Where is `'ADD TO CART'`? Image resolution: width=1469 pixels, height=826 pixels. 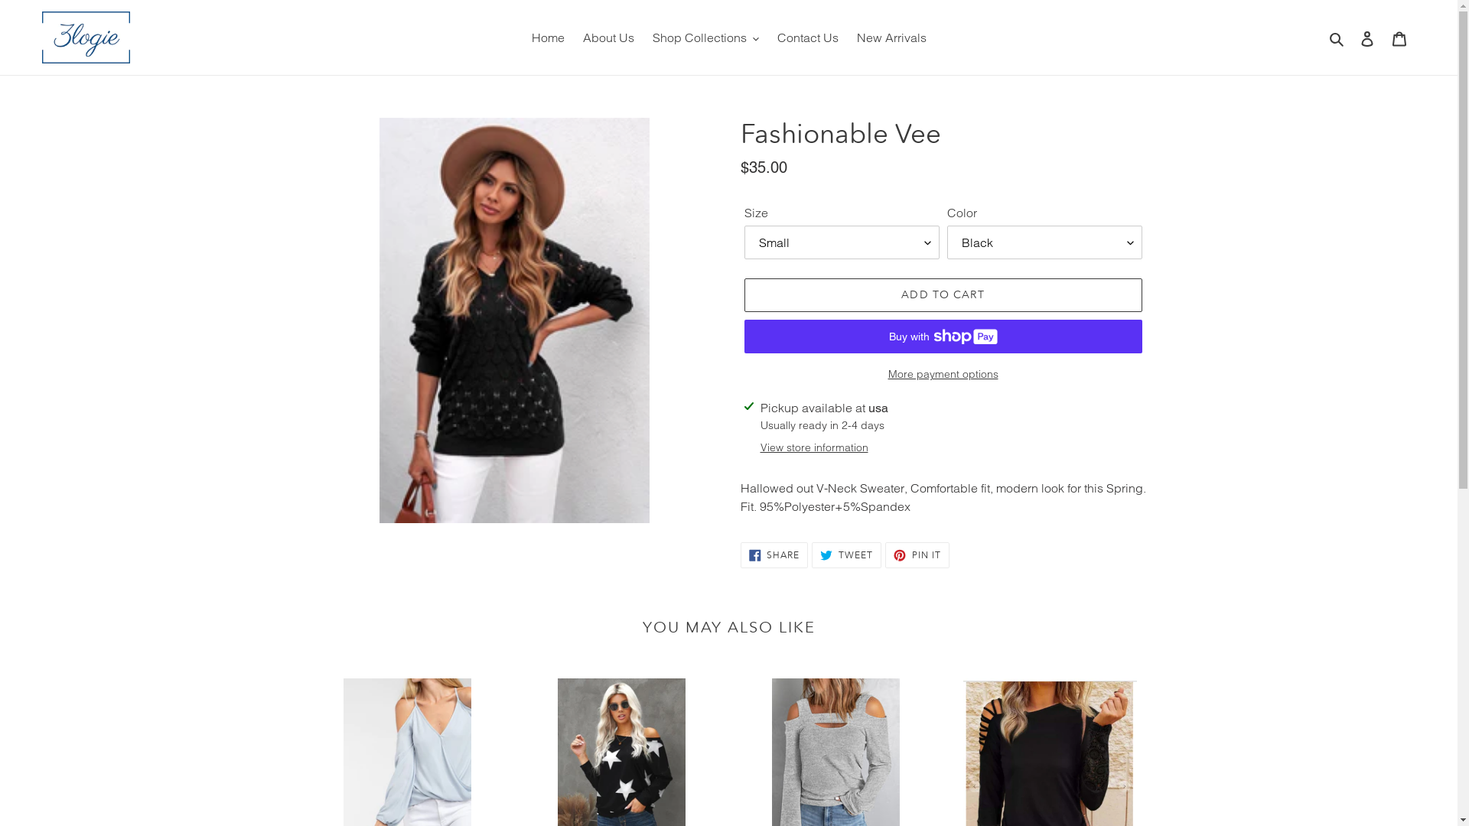 'ADD TO CART' is located at coordinates (942, 294).